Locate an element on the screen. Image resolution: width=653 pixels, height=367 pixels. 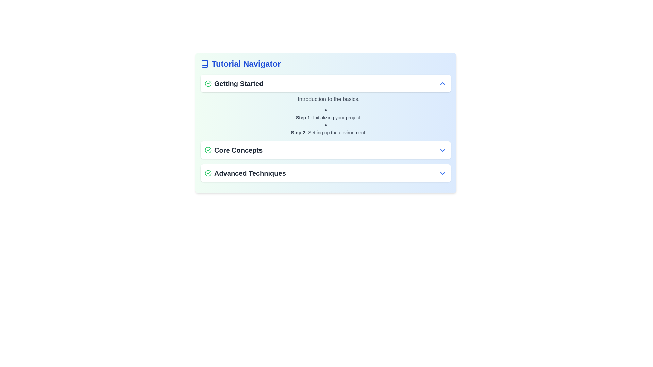
the circular green checkmark icon located to the left of the 'Core Concepts' text in the tutorial navigator interface is located at coordinates (207, 150).